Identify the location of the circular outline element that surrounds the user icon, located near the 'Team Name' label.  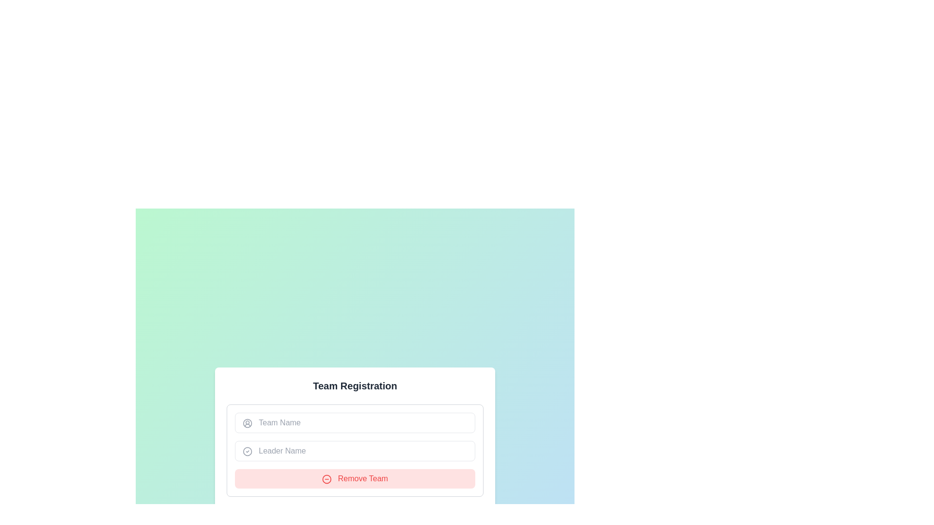
(247, 423).